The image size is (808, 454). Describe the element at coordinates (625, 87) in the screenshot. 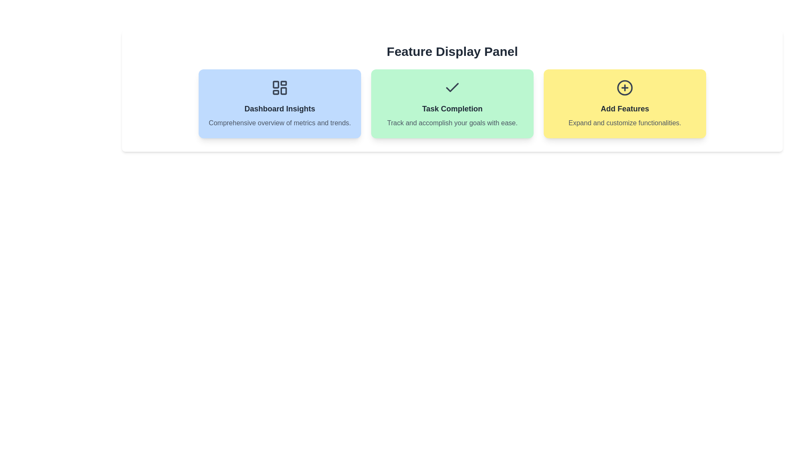

I see `the plus sign icon contained within a circle, which is located at the top-center of the rightmost card labeled 'Add Features'` at that location.